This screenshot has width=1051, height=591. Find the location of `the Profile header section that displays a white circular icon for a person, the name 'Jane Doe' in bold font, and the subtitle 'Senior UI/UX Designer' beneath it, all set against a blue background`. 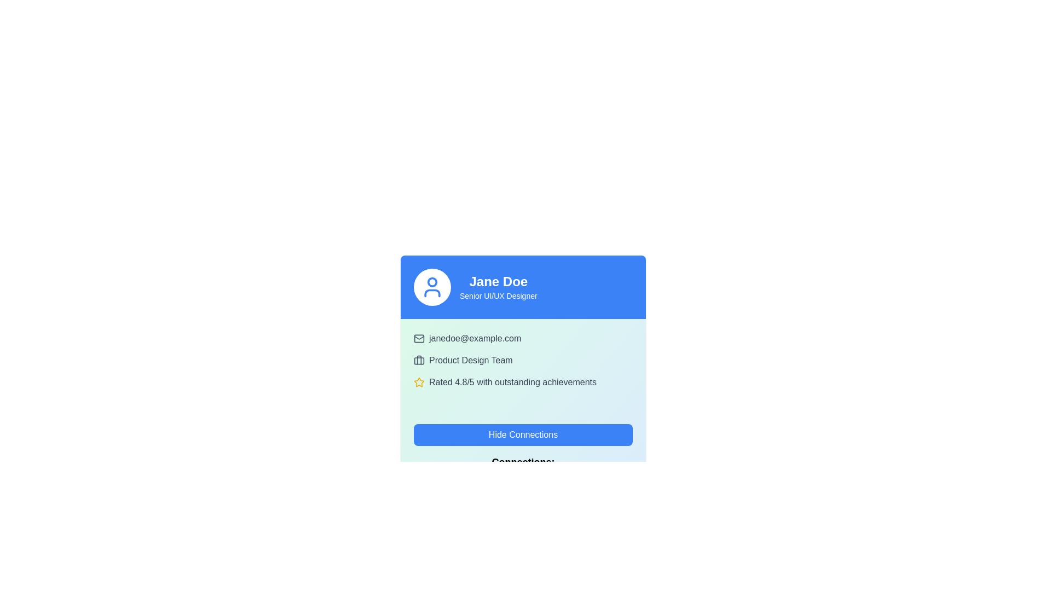

the Profile header section that displays a white circular icon for a person, the name 'Jane Doe' in bold font, and the subtitle 'Senior UI/UX Designer' beneath it, all set against a blue background is located at coordinates (522, 286).